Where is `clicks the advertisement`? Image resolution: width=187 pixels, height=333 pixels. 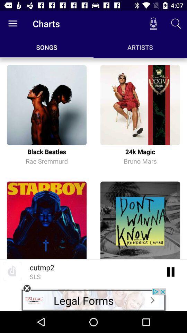
clicks the advertisement is located at coordinates (93, 299).